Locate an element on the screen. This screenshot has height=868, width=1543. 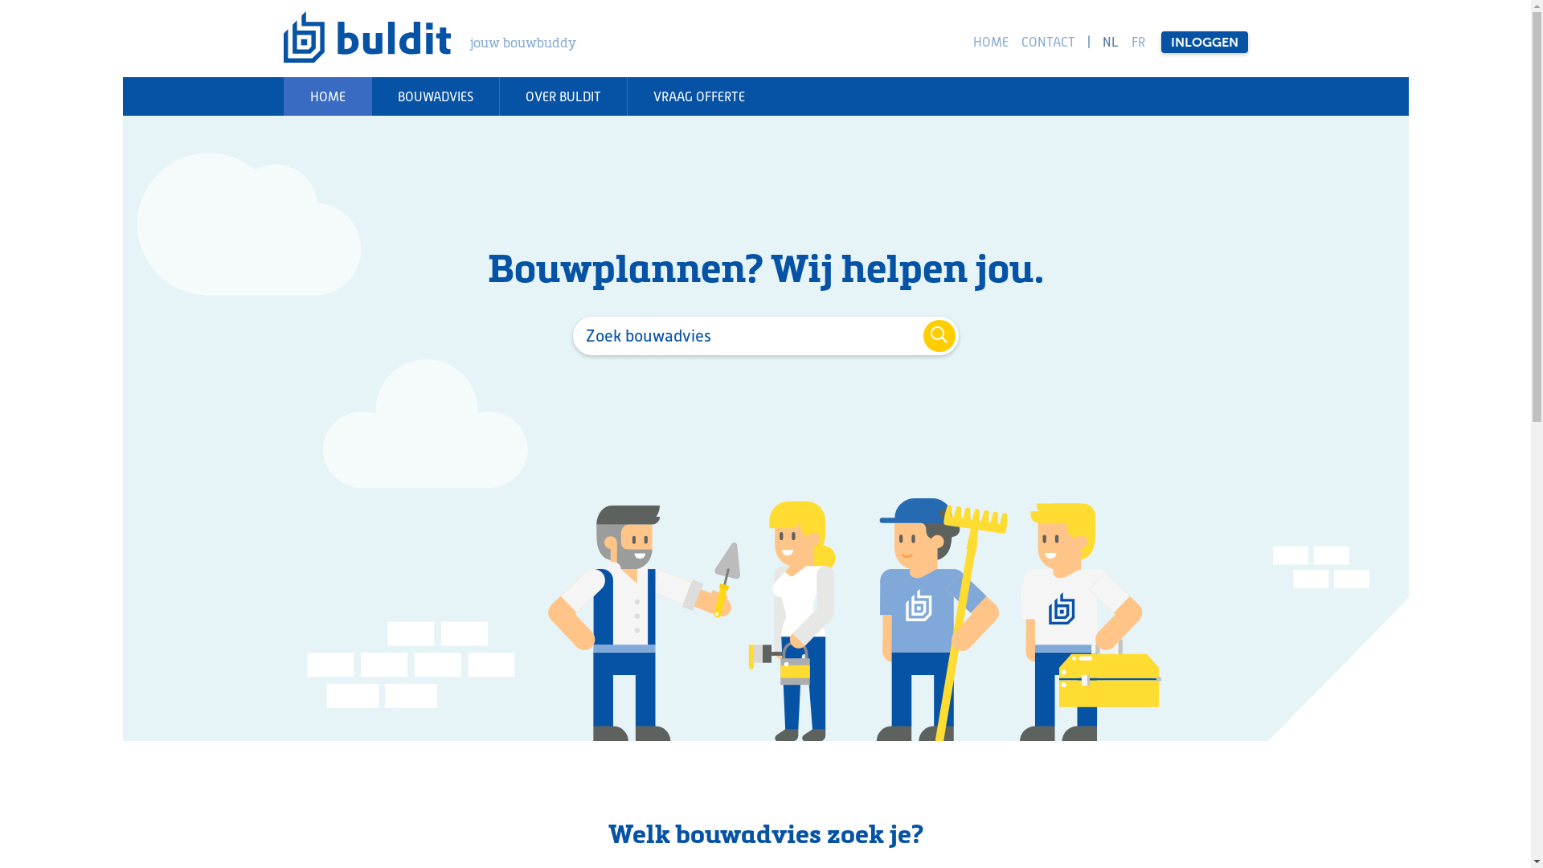
'BOUWADVIES' is located at coordinates (435, 96).